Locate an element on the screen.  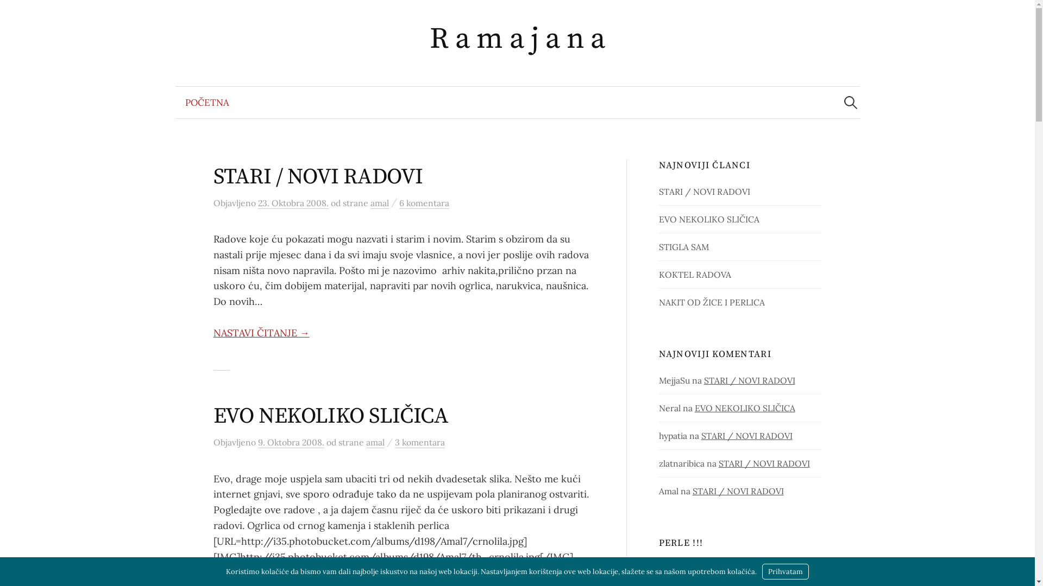
'amal' is located at coordinates (380, 203).